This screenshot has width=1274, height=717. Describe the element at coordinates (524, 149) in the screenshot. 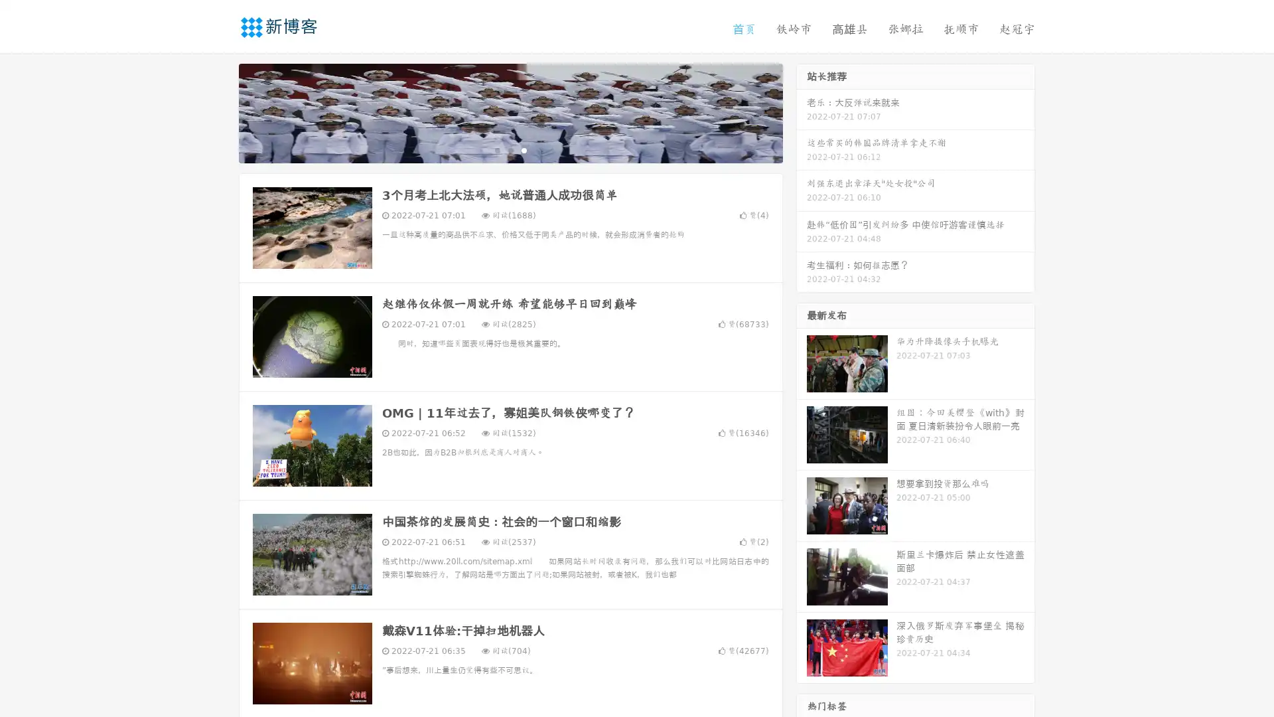

I see `Go to slide 3` at that location.